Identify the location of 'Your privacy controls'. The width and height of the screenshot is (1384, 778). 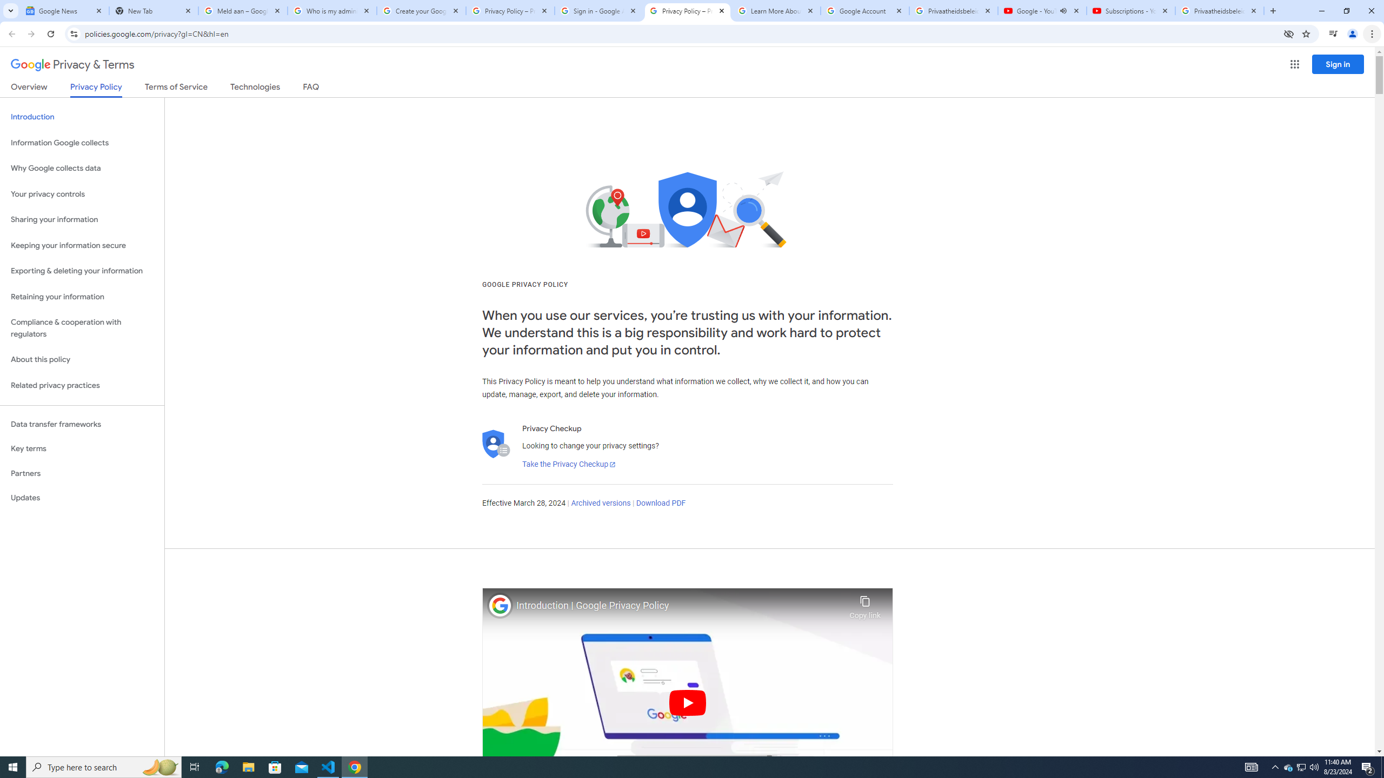
(82, 194).